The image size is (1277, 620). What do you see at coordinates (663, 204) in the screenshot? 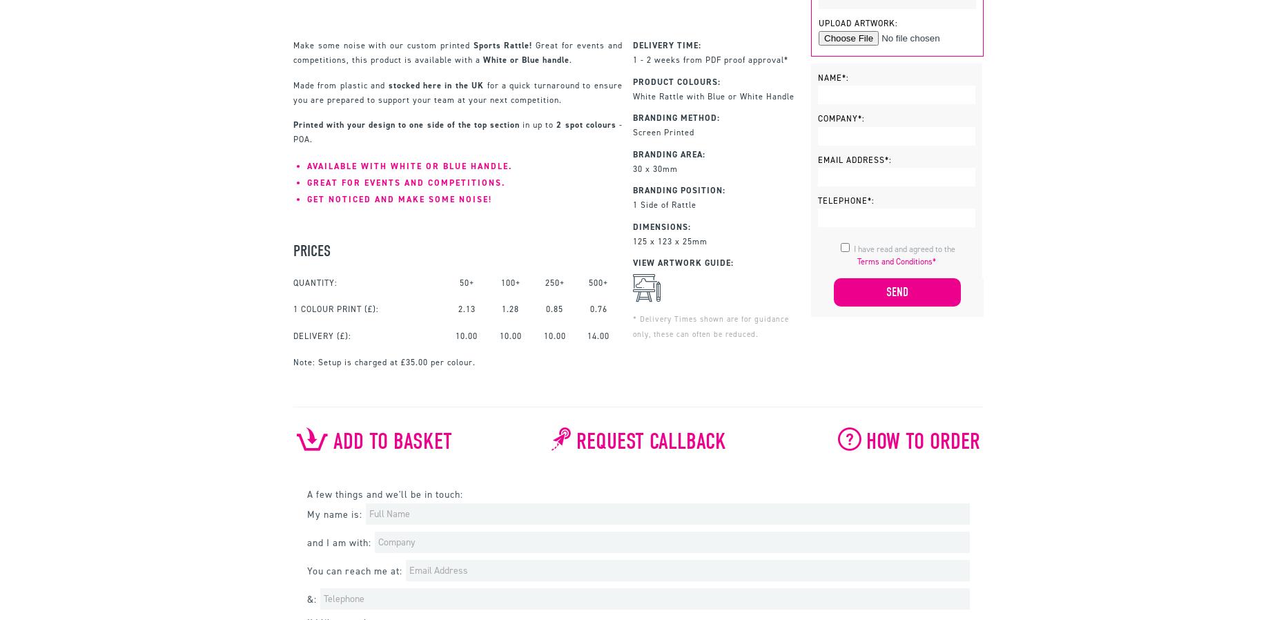
I see `'1 Side of Rattle'` at bounding box center [663, 204].